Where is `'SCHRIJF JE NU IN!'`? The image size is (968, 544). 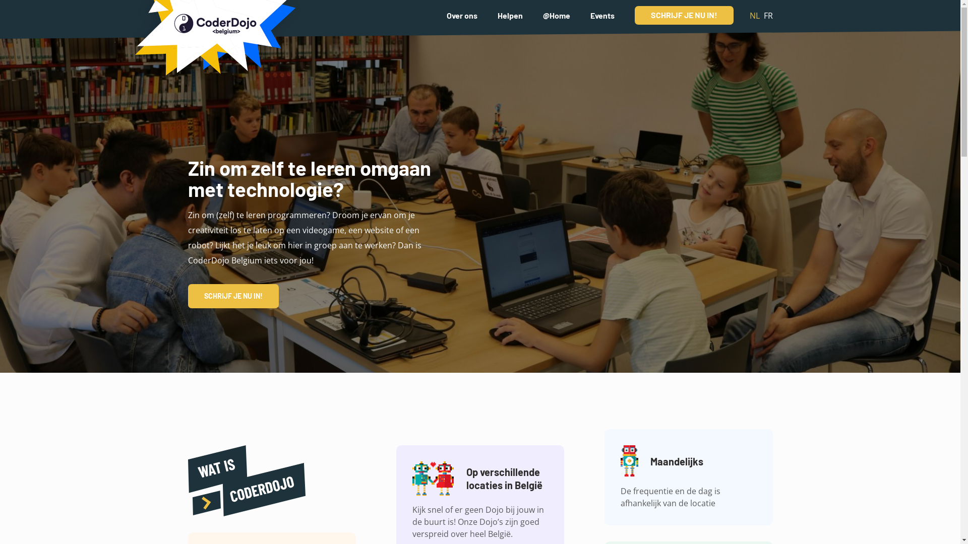 'SCHRIJF JE NU IN!' is located at coordinates (684, 15).